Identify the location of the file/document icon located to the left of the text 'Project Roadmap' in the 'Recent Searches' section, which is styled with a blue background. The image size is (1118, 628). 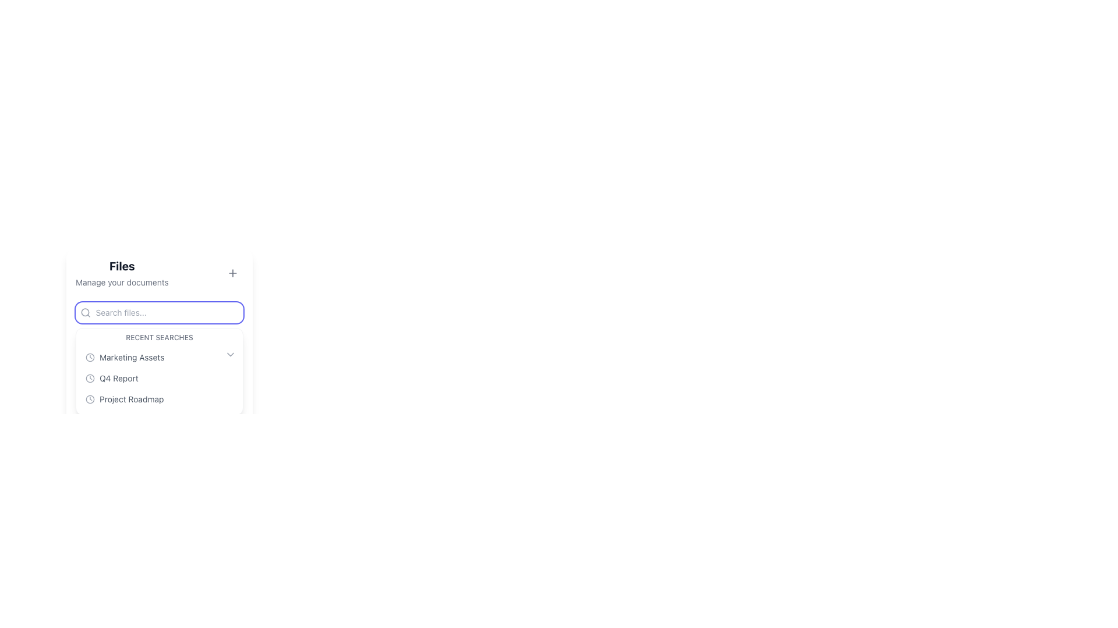
(102, 403).